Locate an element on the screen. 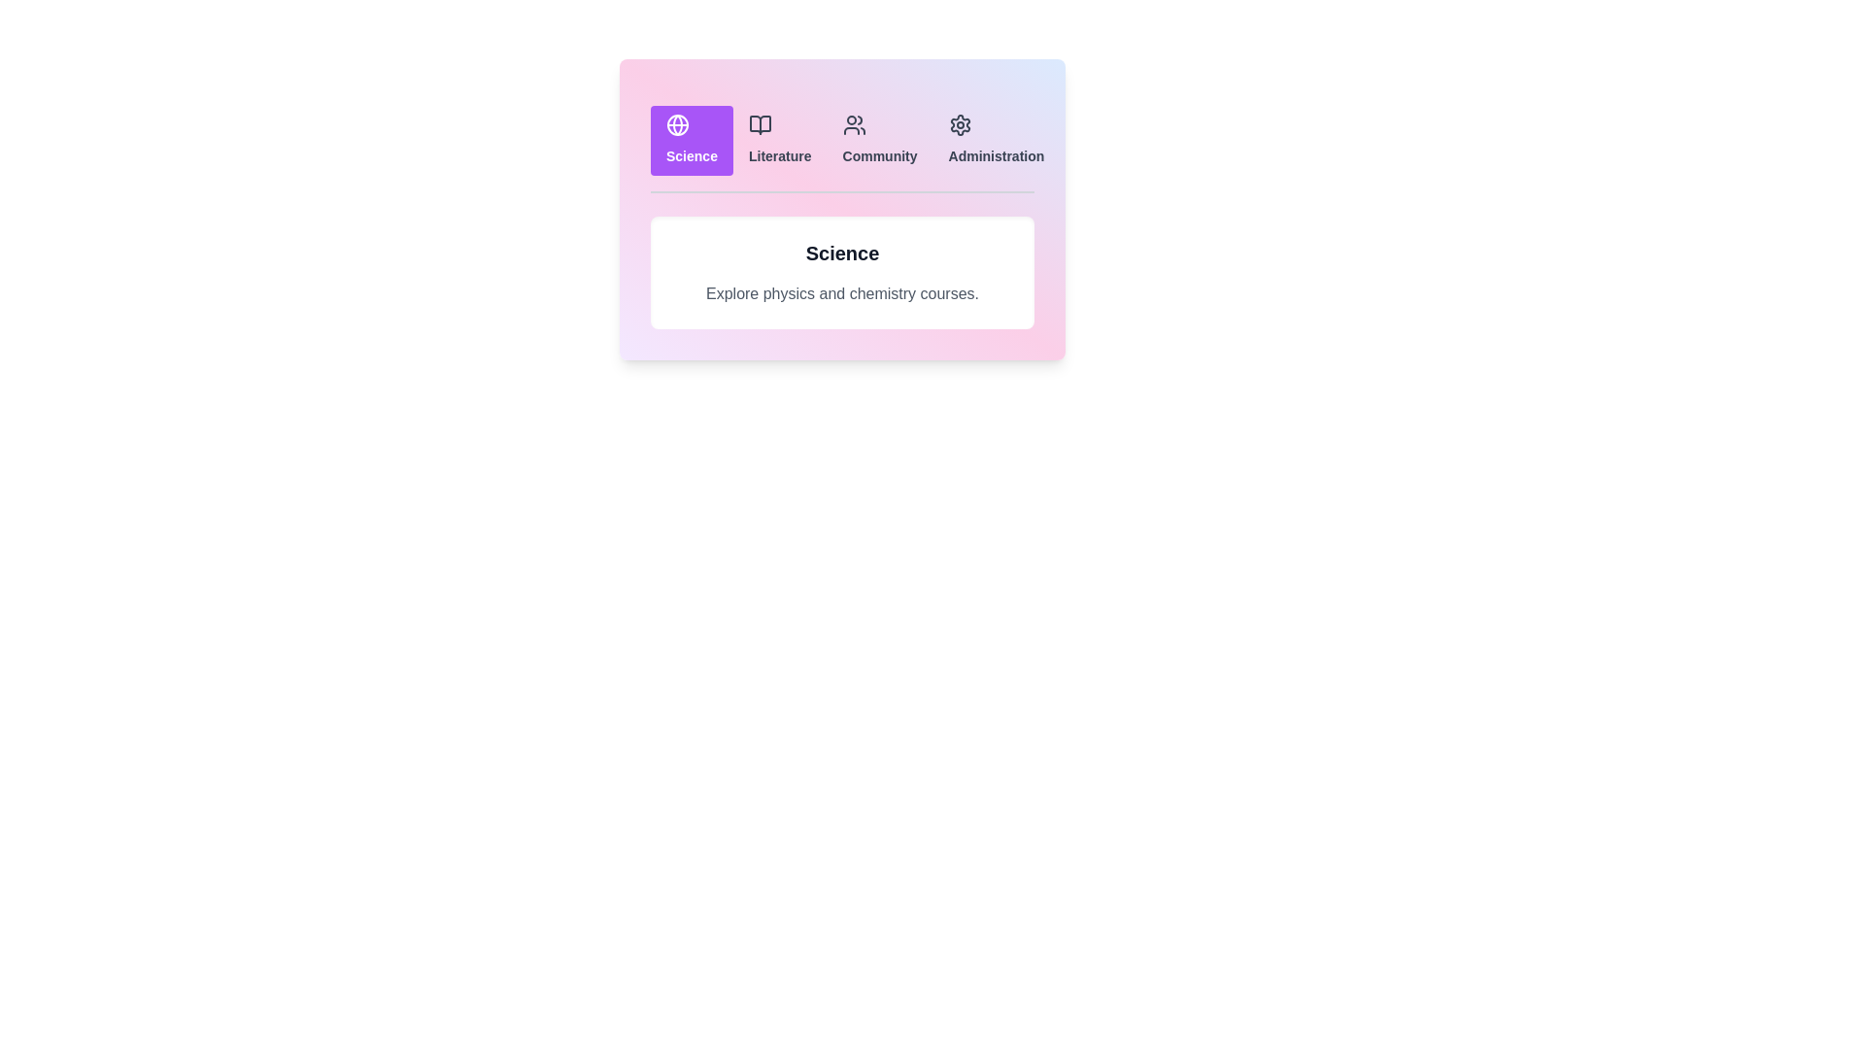 This screenshot has height=1049, width=1865. the Science tab is located at coordinates (691, 140).